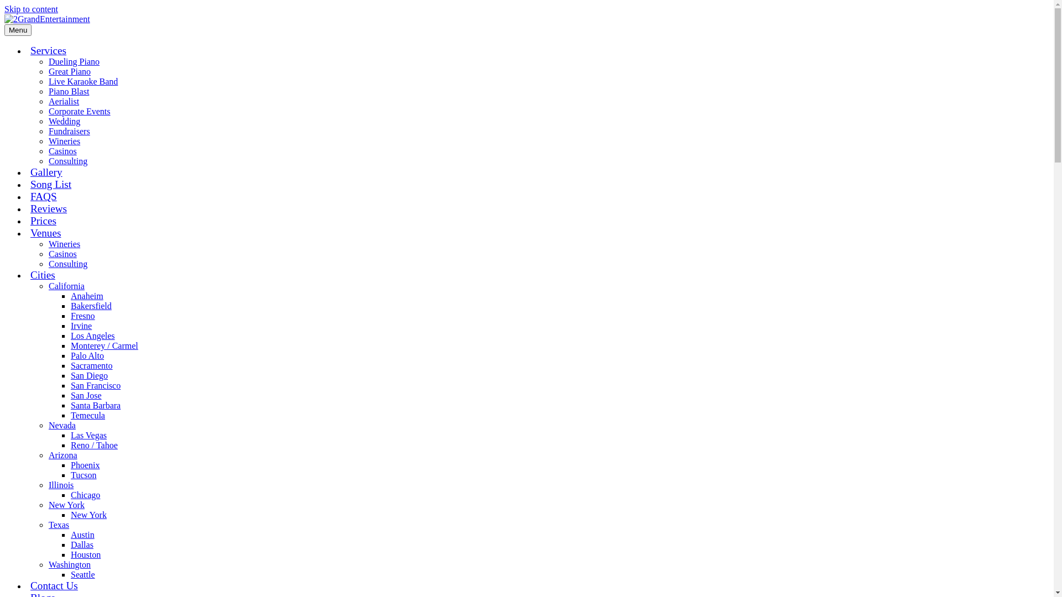  Describe the element at coordinates (62, 151) in the screenshot. I see `'Casinos'` at that location.